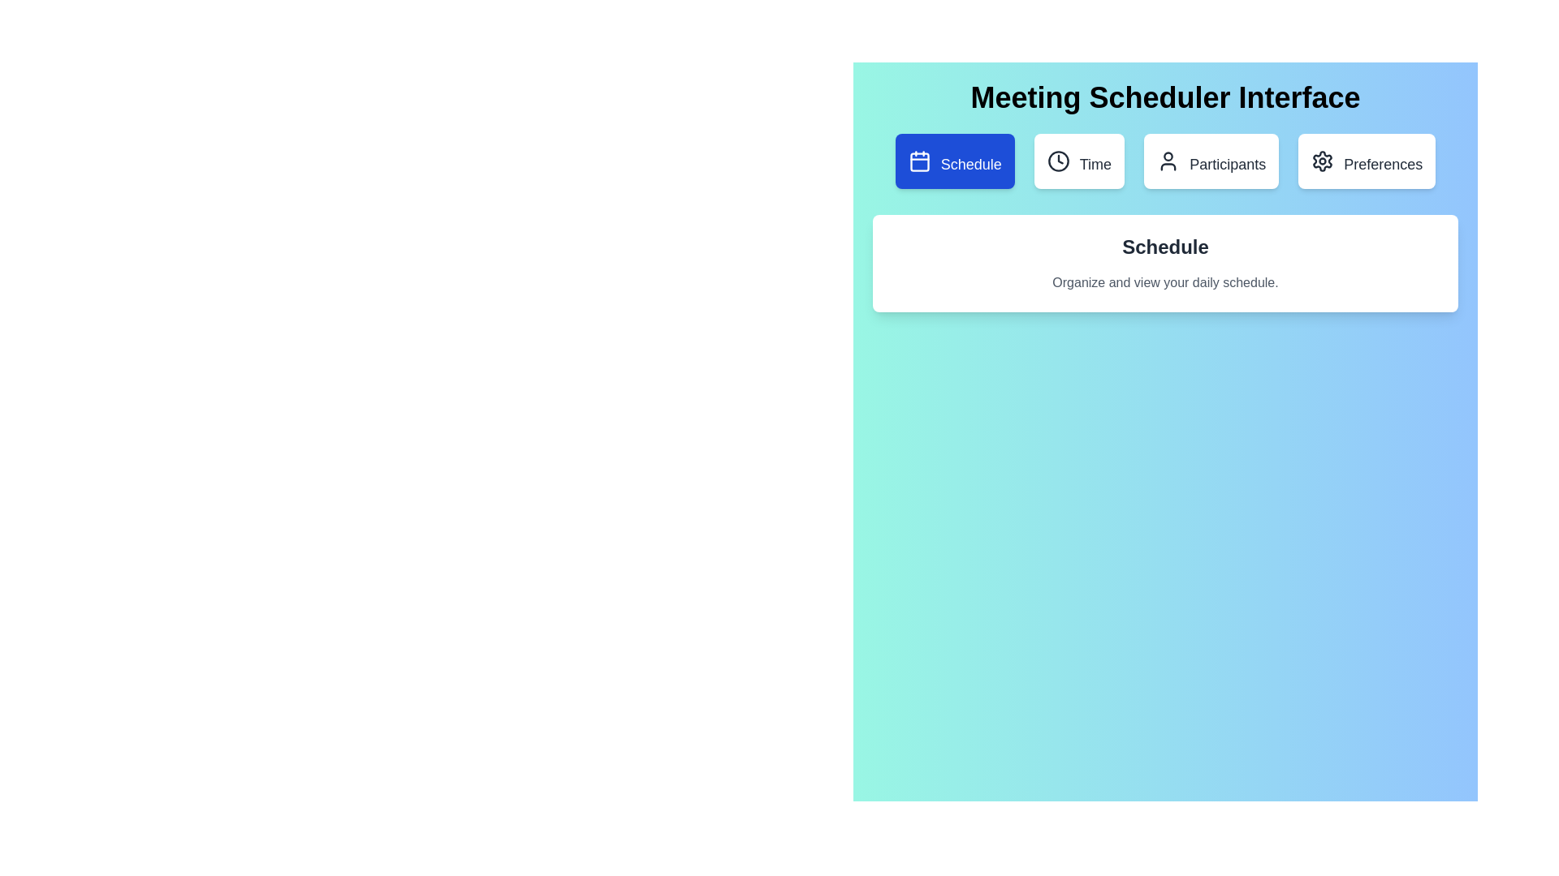 The image size is (1559, 876). Describe the element at coordinates (971, 165) in the screenshot. I see `text label for the 'Schedule' button, which indicates its purpose to open or interact with scheduling functionalities` at that location.